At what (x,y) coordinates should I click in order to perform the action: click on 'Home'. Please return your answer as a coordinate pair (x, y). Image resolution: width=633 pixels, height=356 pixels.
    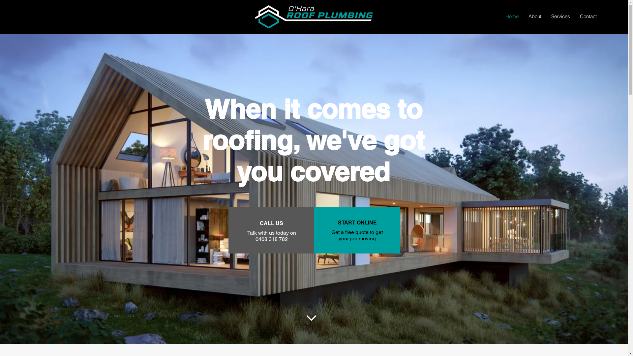
    Looking at the image, I should click on (512, 16).